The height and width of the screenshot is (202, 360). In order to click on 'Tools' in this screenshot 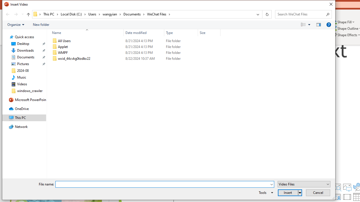, I will do `click(265, 192)`.